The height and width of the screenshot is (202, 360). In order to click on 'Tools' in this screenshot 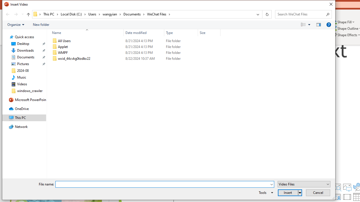, I will do `click(265, 192)`.